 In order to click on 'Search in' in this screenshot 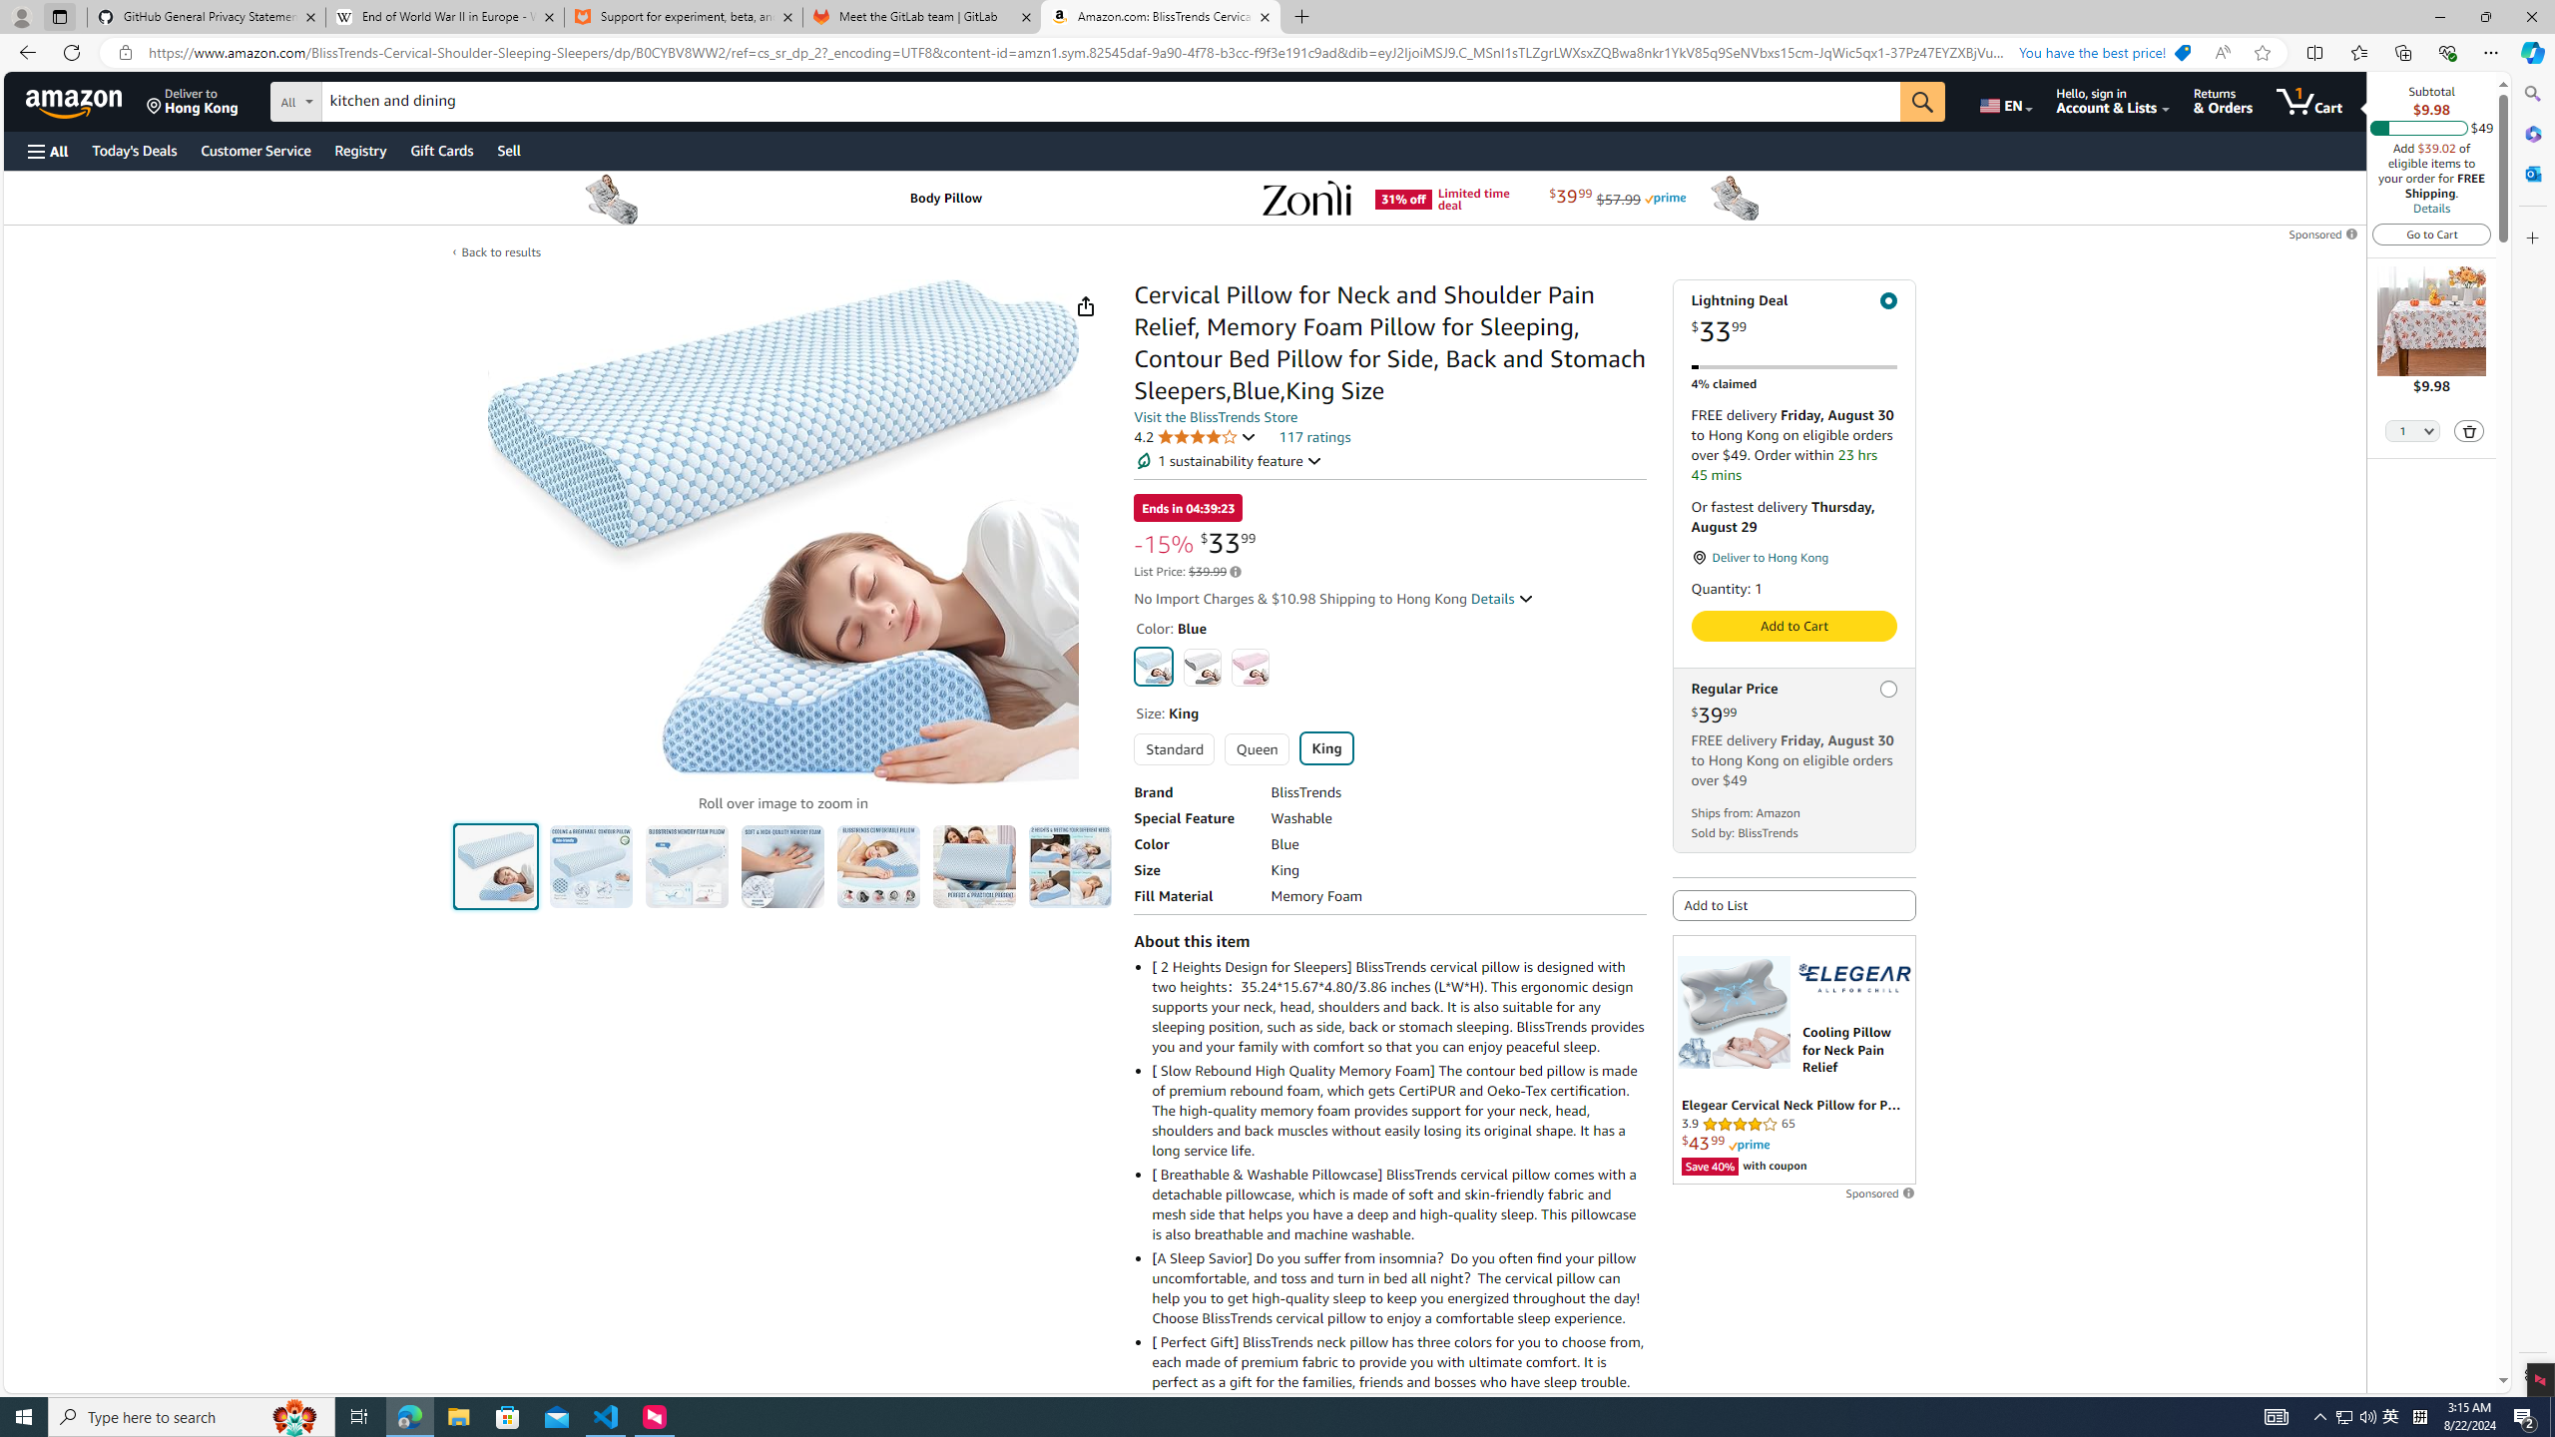, I will do `click(369, 99)`.